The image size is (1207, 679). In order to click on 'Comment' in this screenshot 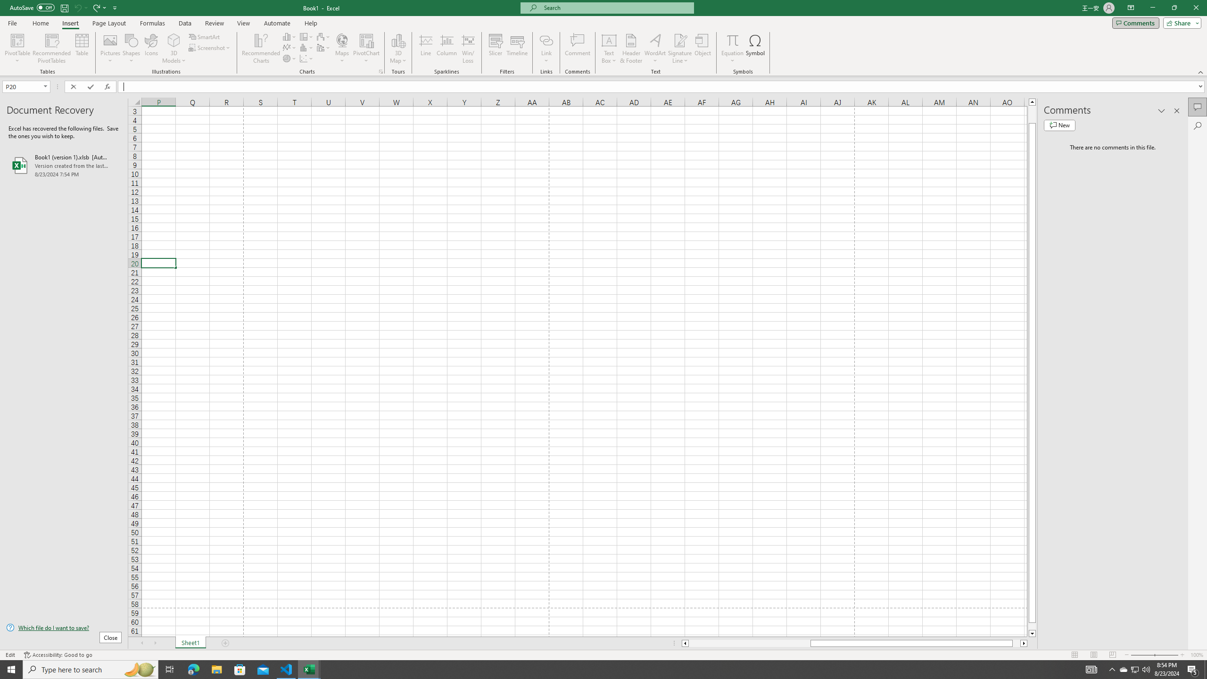, I will do `click(577, 49)`.